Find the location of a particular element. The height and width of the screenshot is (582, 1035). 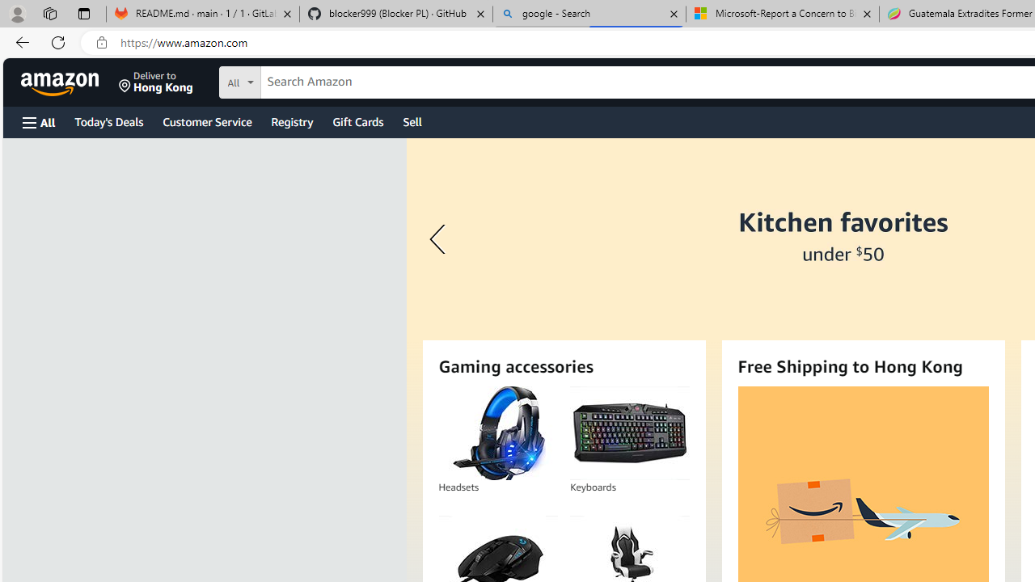

'Gift Cards' is located at coordinates (357, 120).